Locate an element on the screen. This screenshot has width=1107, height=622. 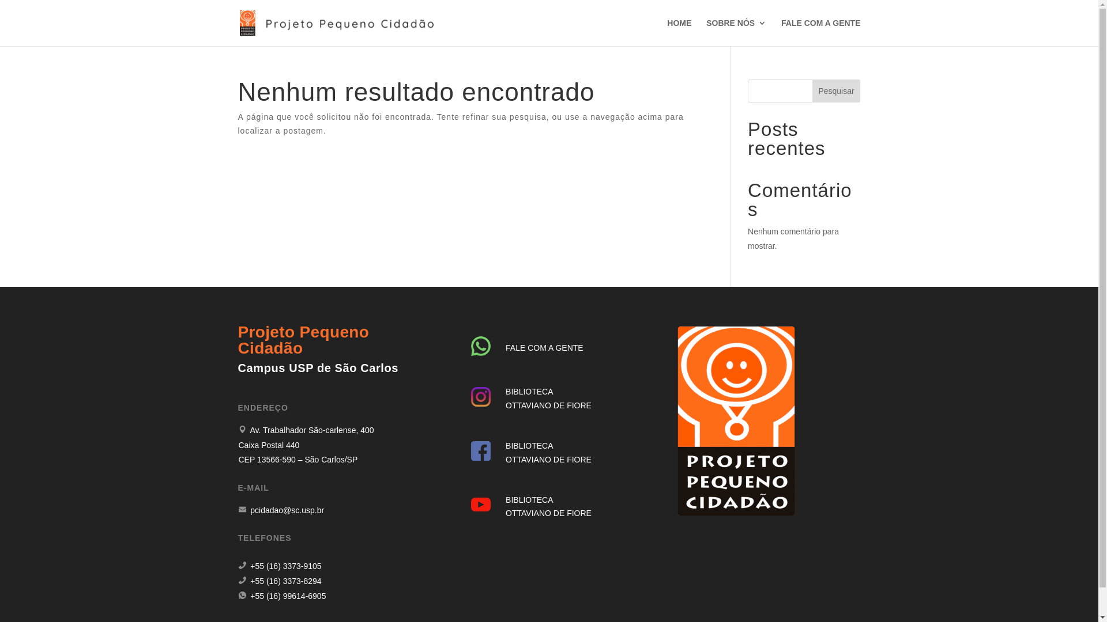
'Pesquisar' is located at coordinates (812, 90).